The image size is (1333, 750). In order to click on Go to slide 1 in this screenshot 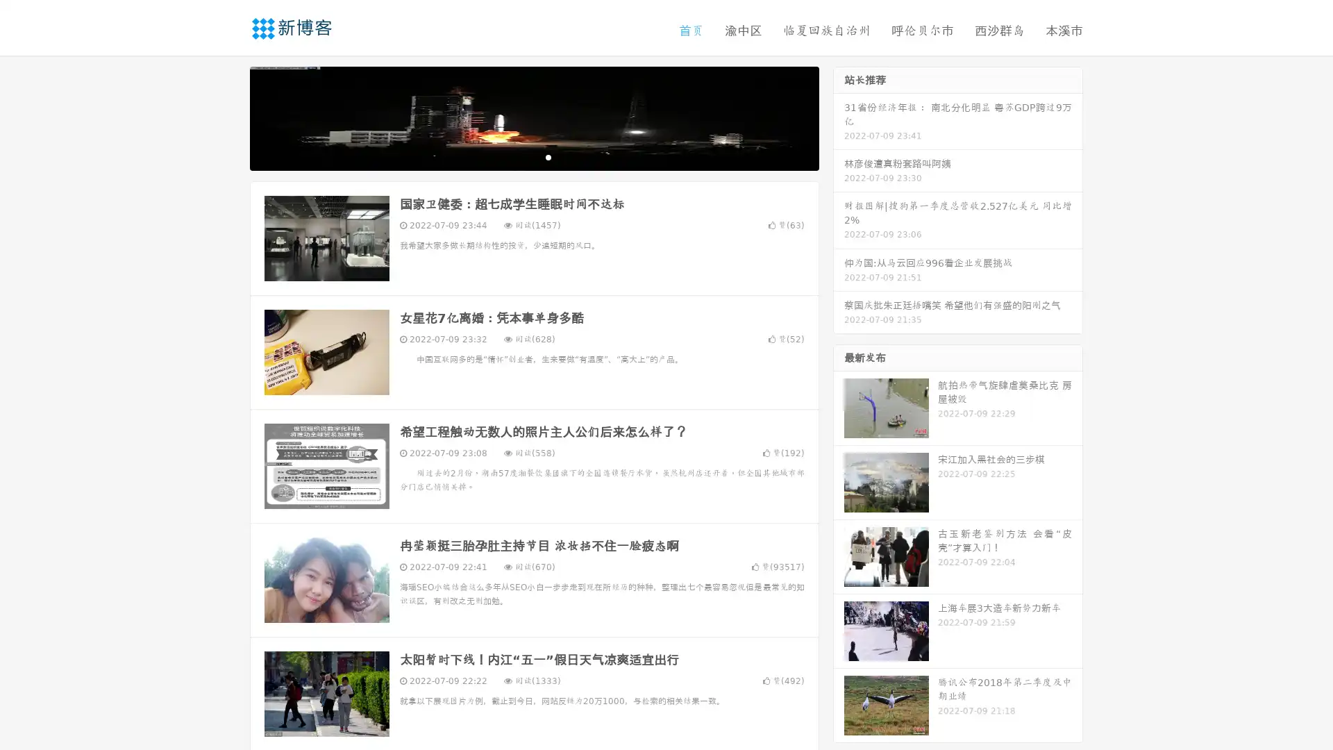, I will do `click(519, 156)`.